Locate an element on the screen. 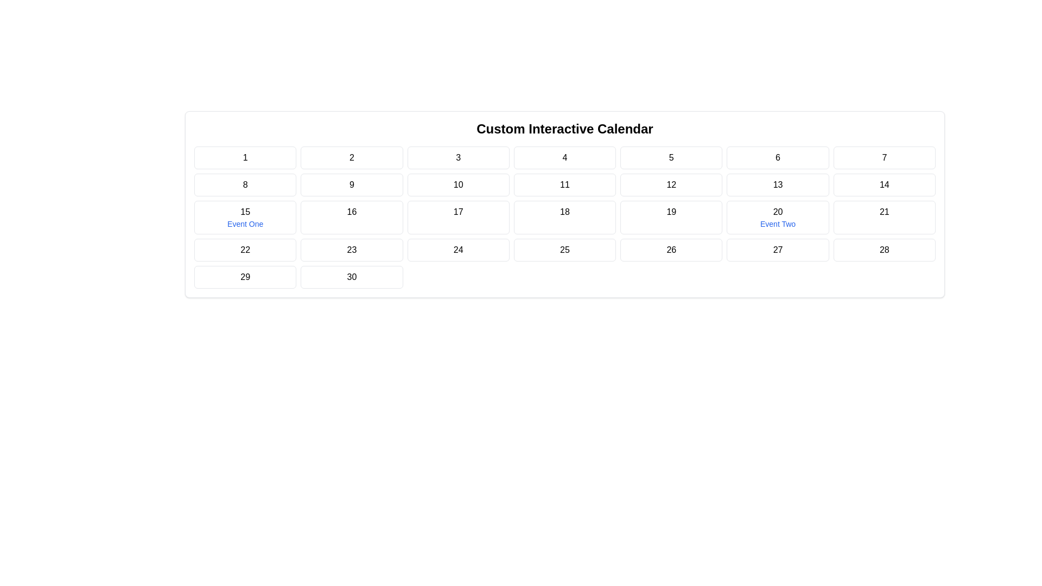 The height and width of the screenshot is (586, 1042). the calendar day cell displaying the number '28' in the sixth row and seventh column of the grid layout is located at coordinates (884, 250).